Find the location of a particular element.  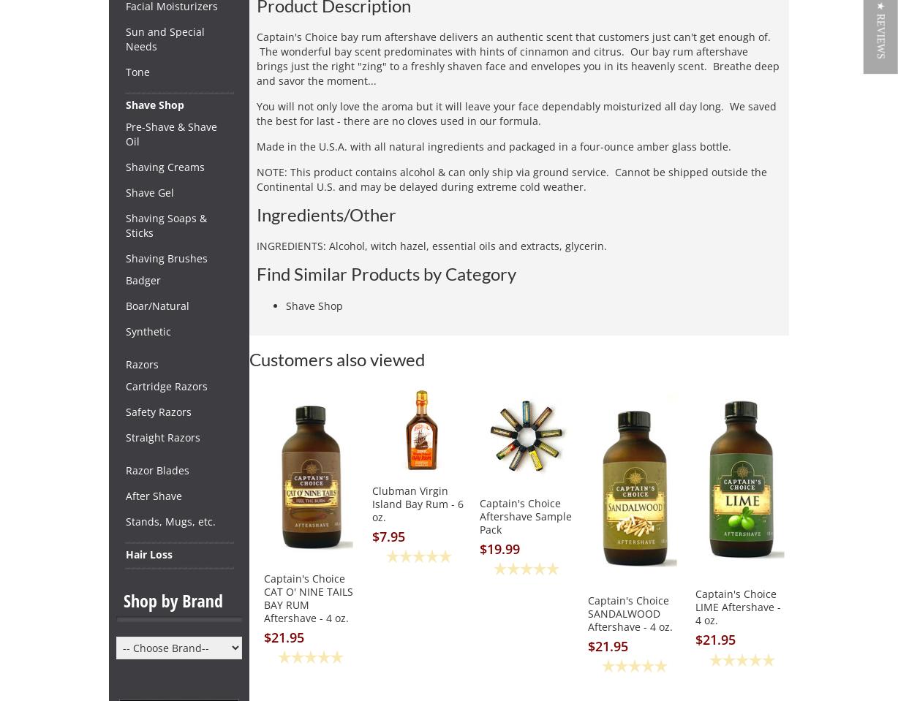

'Captain's Choice SANDALWOOD Aftershave - 4 oz.' is located at coordinates (628, 612).